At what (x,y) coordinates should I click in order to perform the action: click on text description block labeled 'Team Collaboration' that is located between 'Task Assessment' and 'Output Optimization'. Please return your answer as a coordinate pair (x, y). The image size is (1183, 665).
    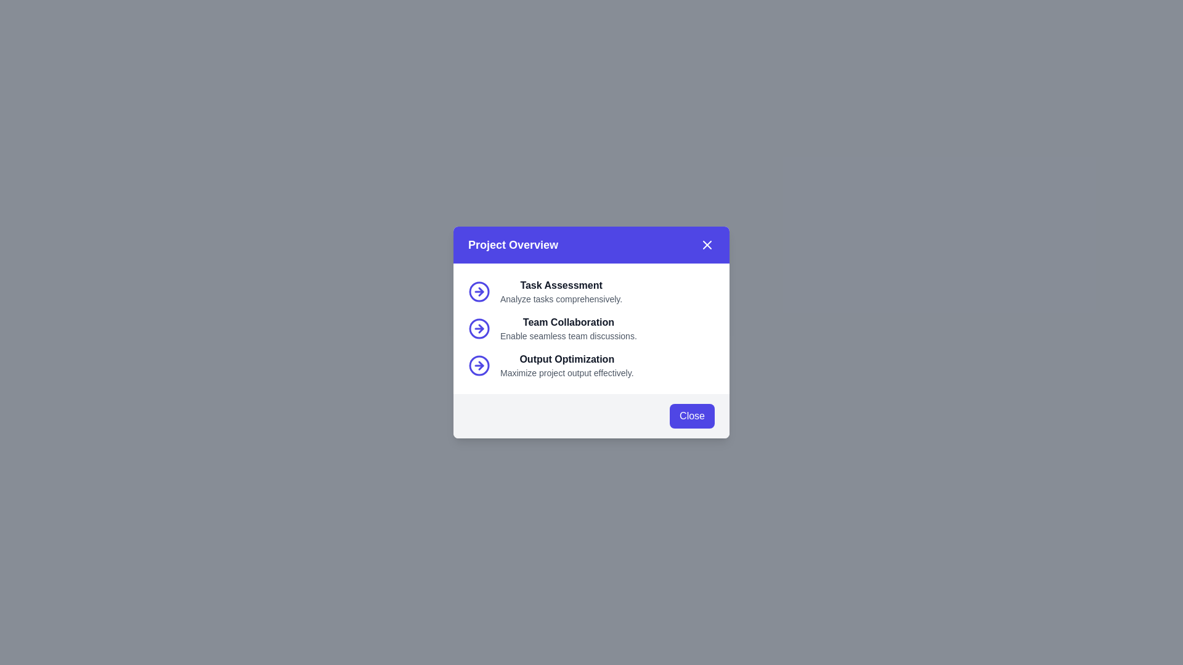
    Looking at the image, I should click on (567, 328).